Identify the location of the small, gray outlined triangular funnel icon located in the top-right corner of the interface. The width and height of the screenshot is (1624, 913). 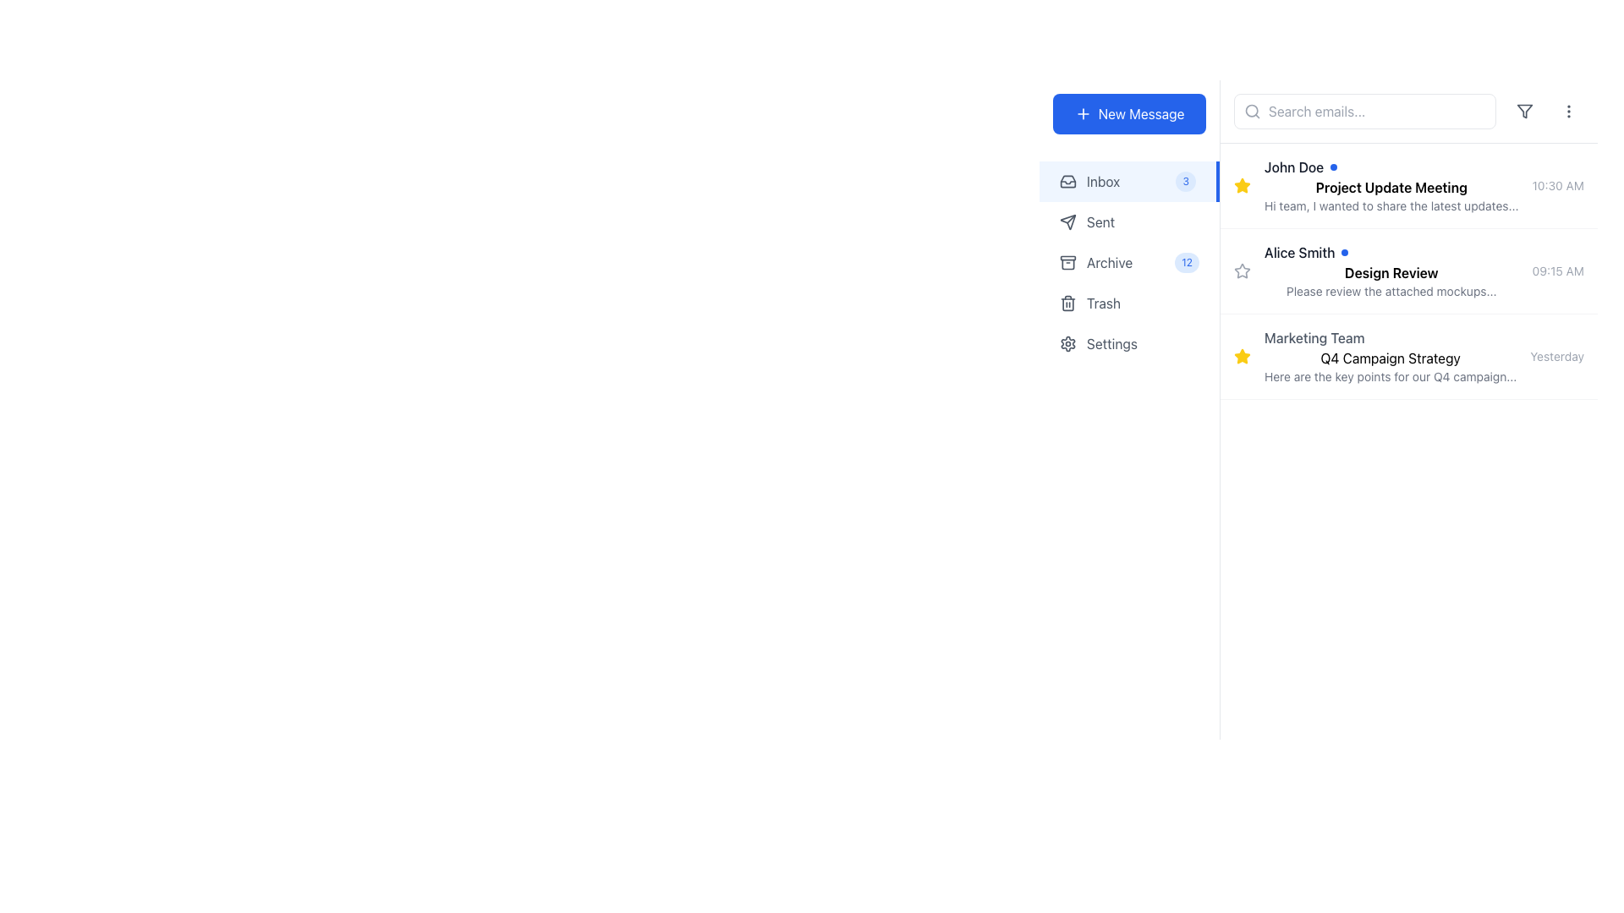
(1525, 111).